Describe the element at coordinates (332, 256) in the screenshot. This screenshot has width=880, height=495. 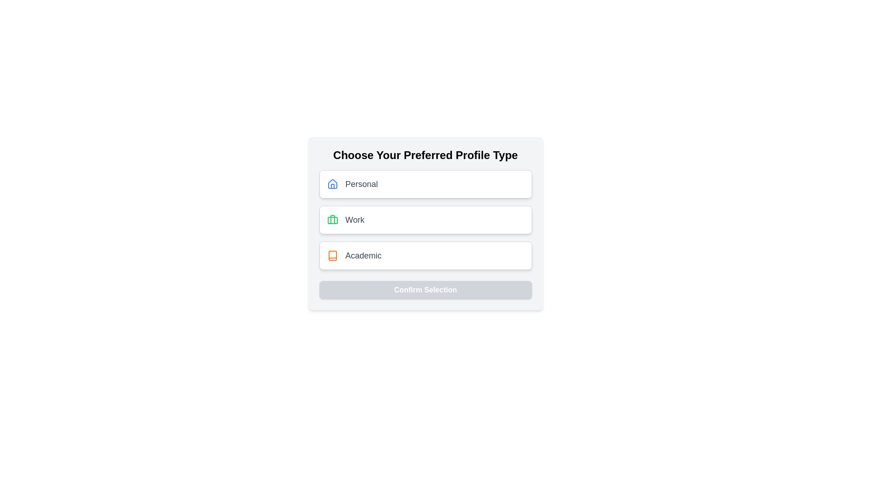
I see `the 'Academic' profile type icon, which is located to the left of the text label in the profile type selection section` at that location.